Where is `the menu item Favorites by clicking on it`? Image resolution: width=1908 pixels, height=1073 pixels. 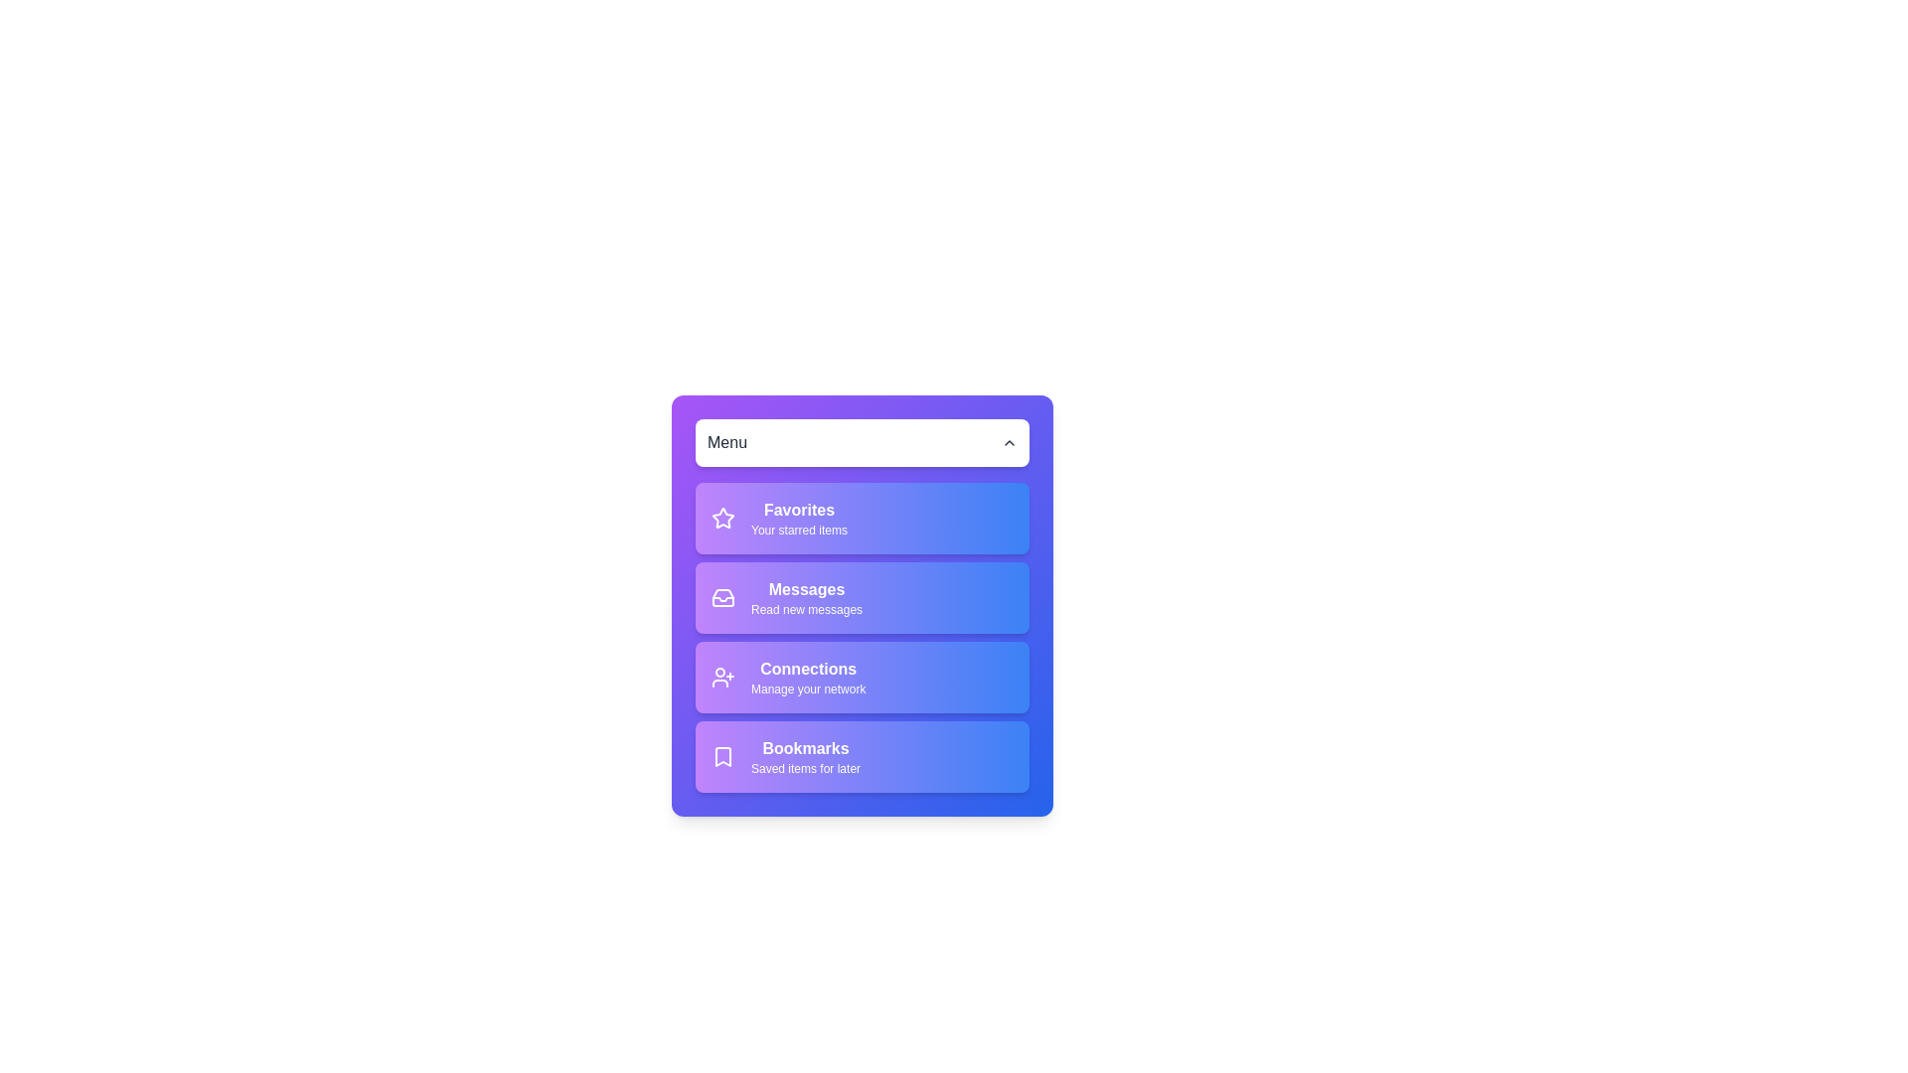 the menu item Favorites by clicking on it is located at coordinates (863, 517).